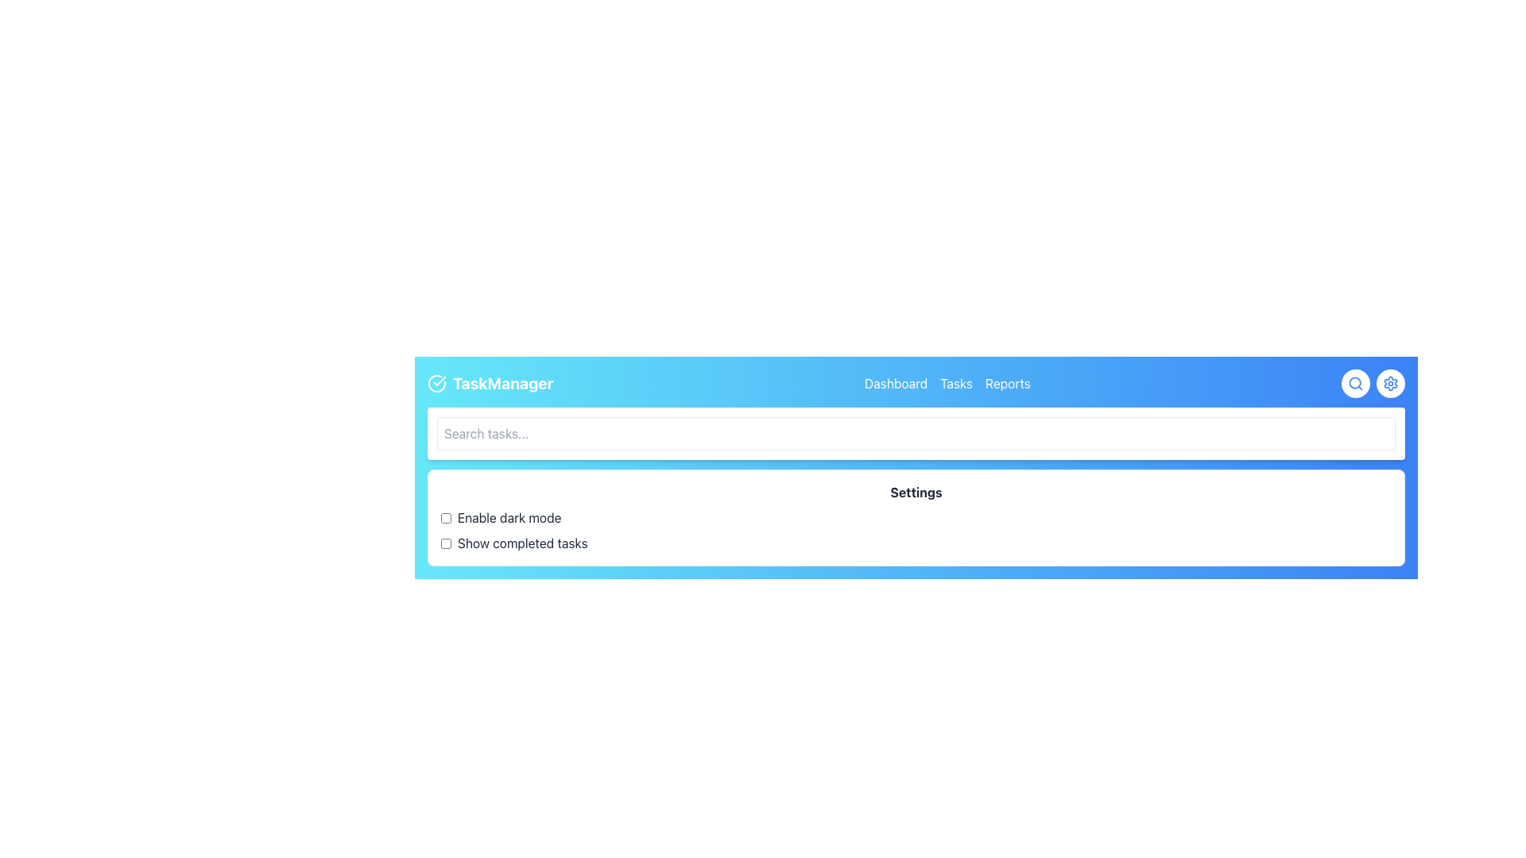  What do you see at coordinates (896, 383) in the screenshot?
I see `the 'Dashboard' hyperlink in the light blue navigation bar` at bounding box center [896, 383].